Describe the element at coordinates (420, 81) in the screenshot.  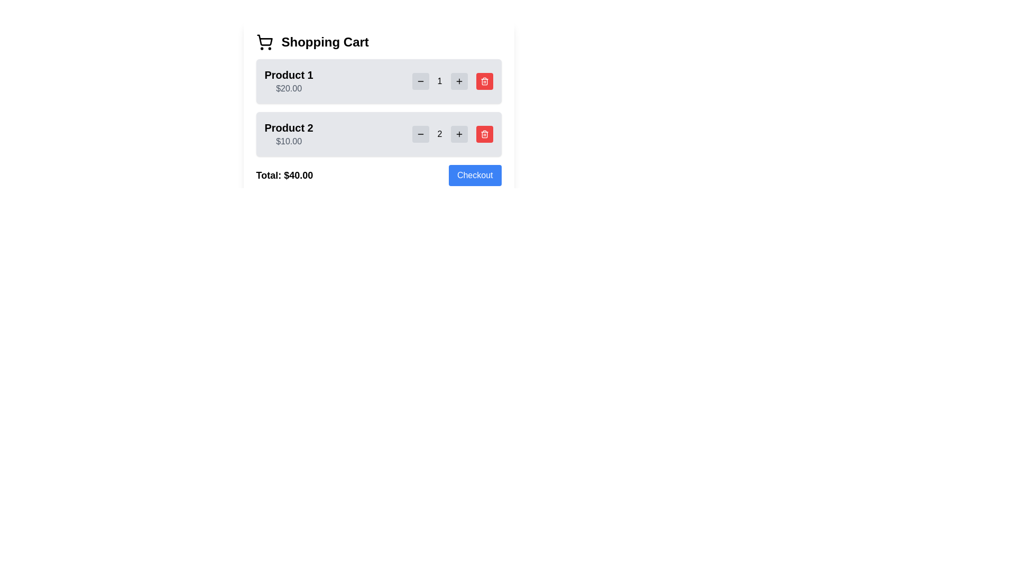
I see `the circular button with a minus sign icon located to the left of the quantity label for 'Product 1' to decrease the quantity` at that location.